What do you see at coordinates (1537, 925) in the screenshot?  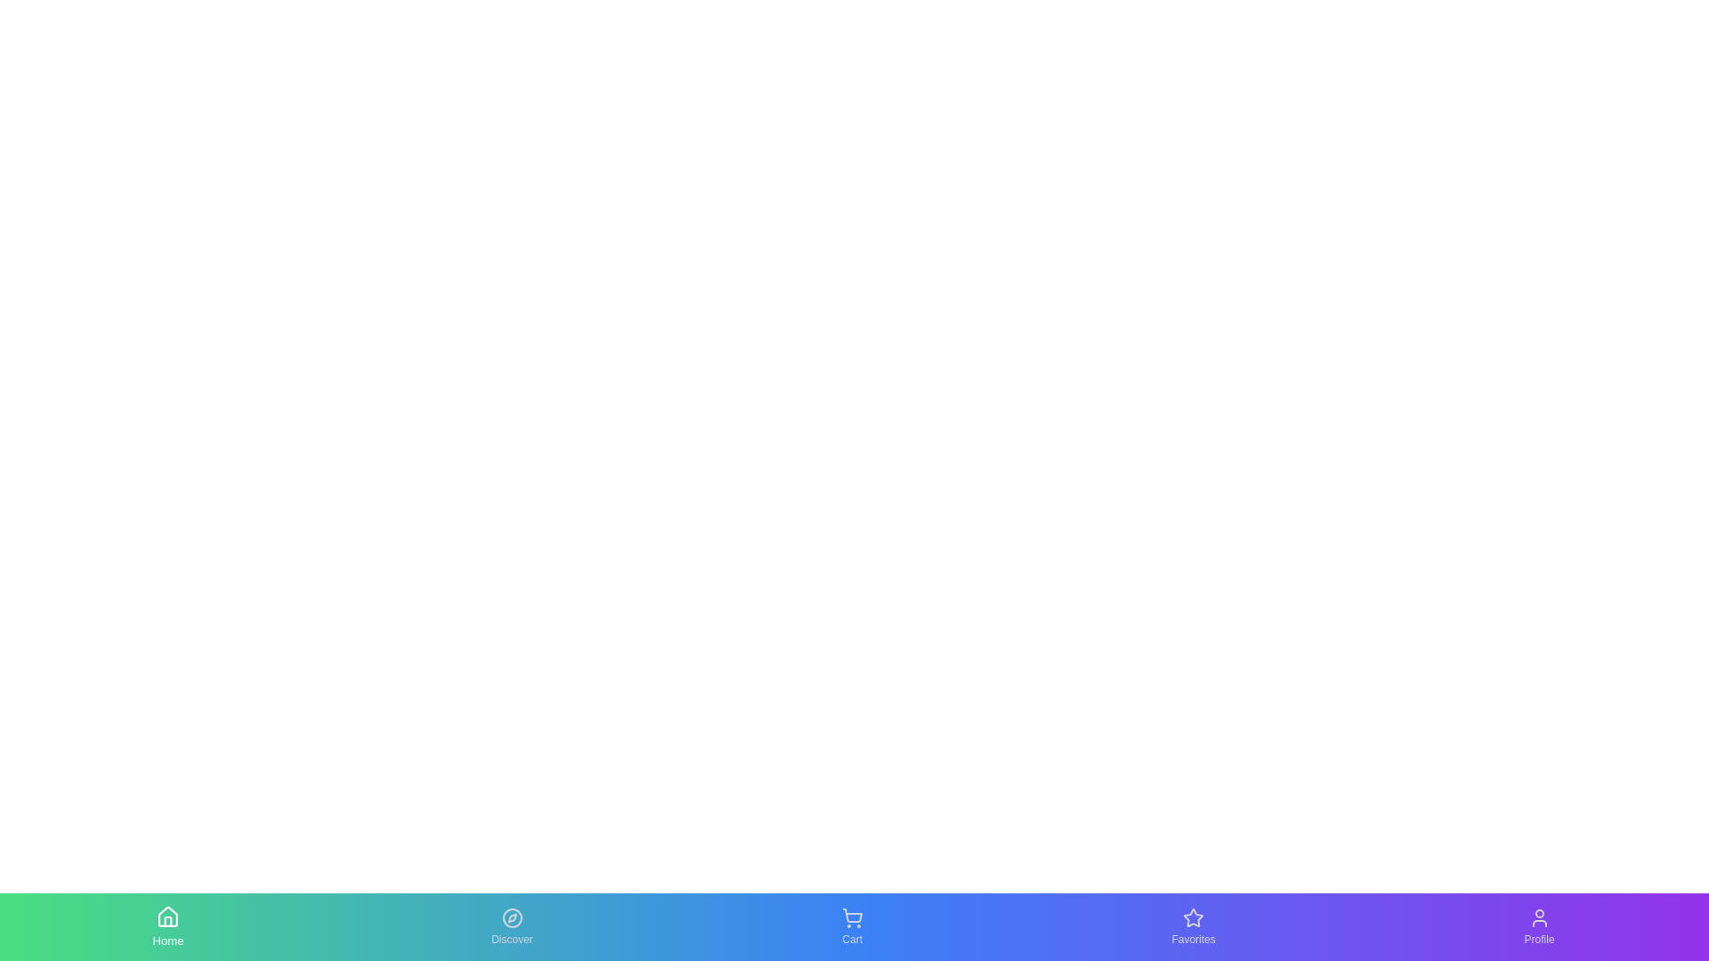 I see `the Profile tab to see the hover effect` at bounding box center [1537, 925].